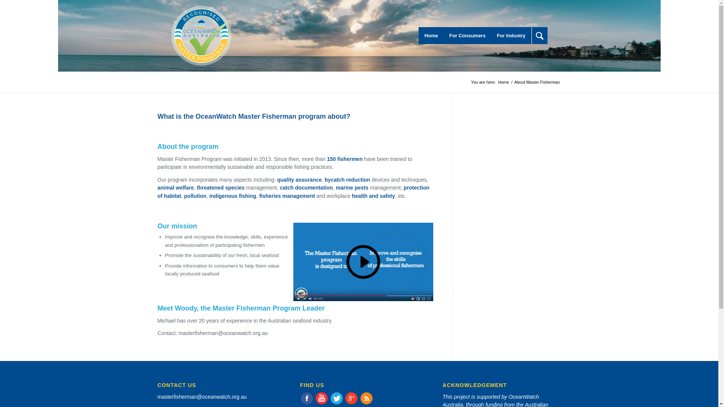 The width and height of the screenshot is (724, 407). What do you see at coordinates (336, 403) in the screenshot?
I see `'Twitter'` at bounding box center [336, 403].